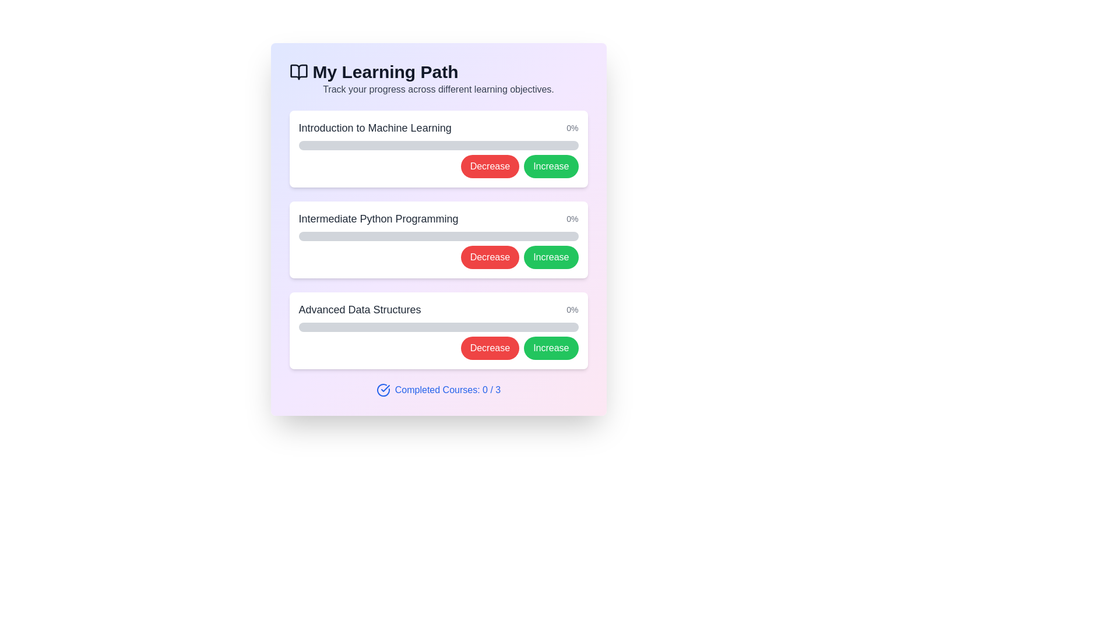  I want to click on the rightmost button in the group of two buttons next to the 'Intermediate Python Programming' section, so click(550, 257).